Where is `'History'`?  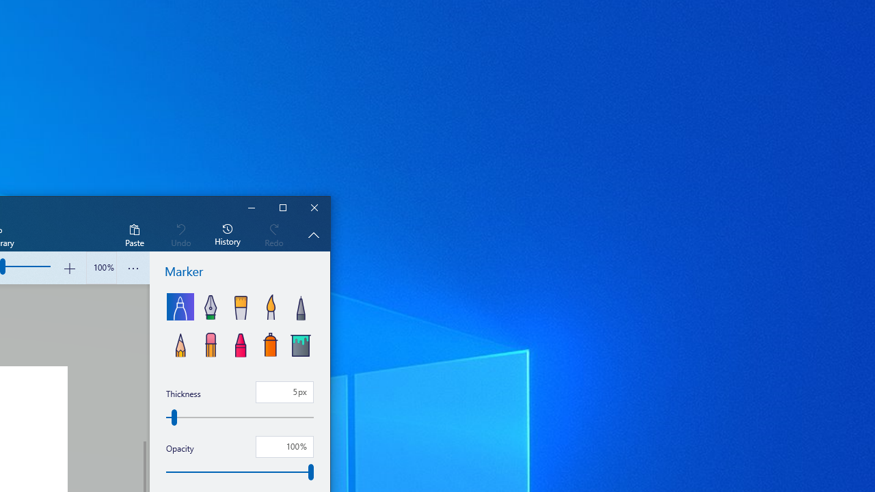 'History' is located at coordinates (228, 234).